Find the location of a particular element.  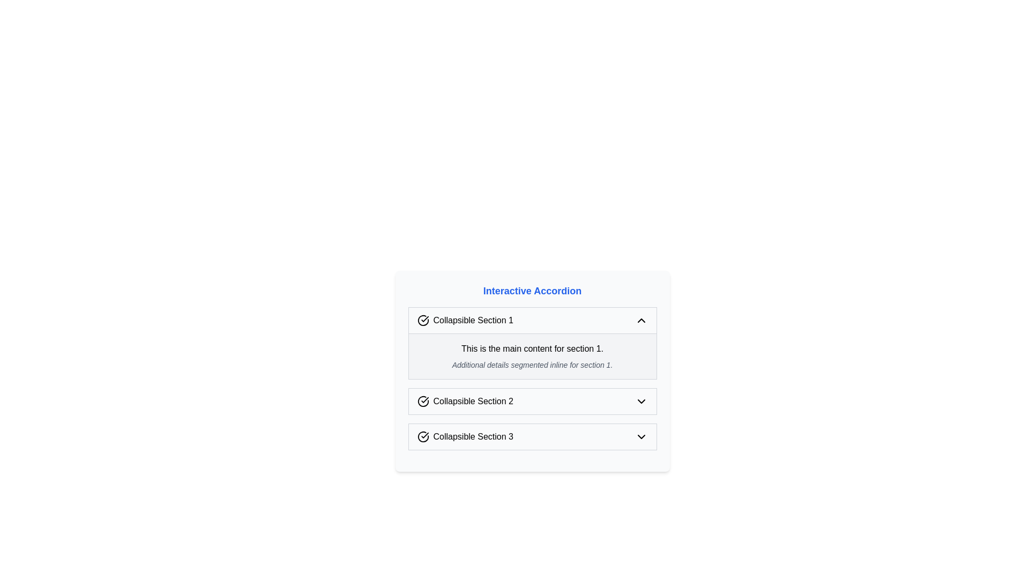

the 'Collapsible Section 2' text label with icon to navigate within the collapsible sections is located at coordinates (465, 401).